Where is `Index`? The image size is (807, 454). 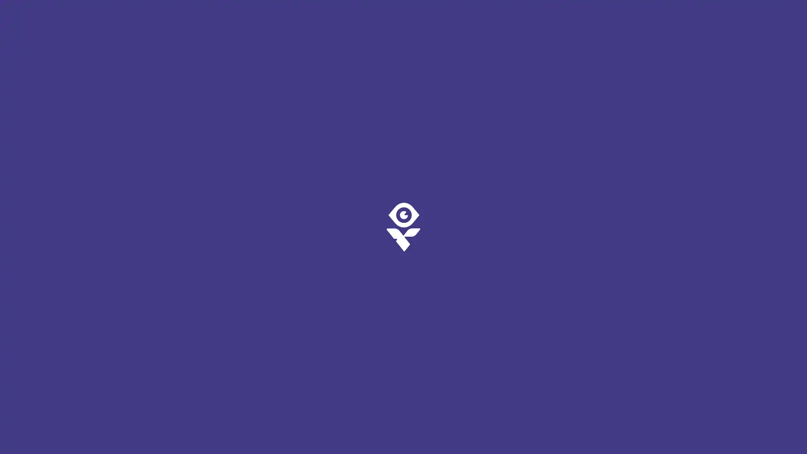
Index is located at coordinates (29, 433).